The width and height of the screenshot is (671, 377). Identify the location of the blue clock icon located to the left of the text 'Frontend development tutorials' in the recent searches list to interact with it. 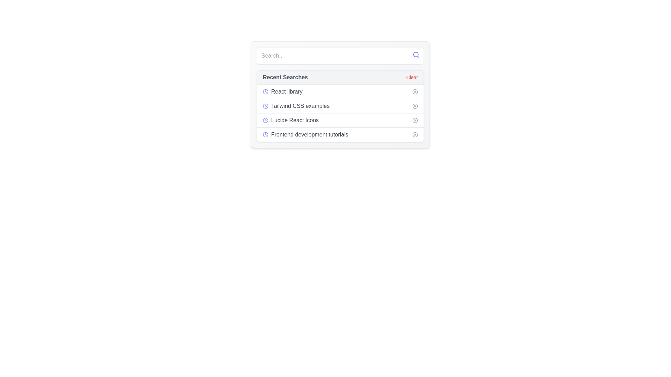
(265, 134).